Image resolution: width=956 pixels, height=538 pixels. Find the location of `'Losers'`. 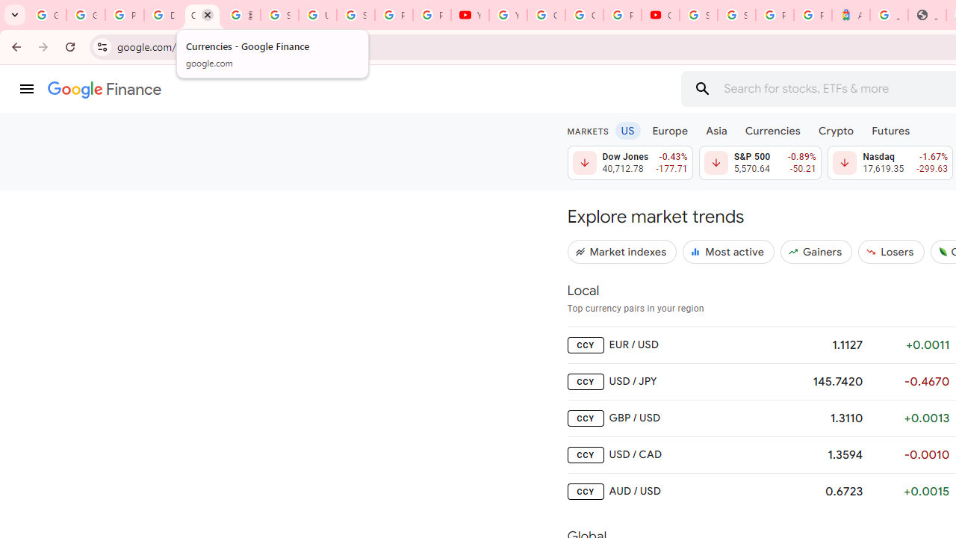

'Losers' is located at coordinates (891, 250).